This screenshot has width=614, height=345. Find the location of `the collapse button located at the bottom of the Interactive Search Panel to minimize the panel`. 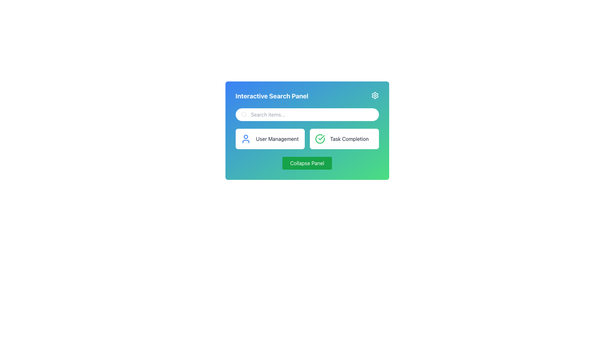

the collapse button located at the bottom of the Interactive Search Panel to minimize the panel is located at coordinates (307, 163).